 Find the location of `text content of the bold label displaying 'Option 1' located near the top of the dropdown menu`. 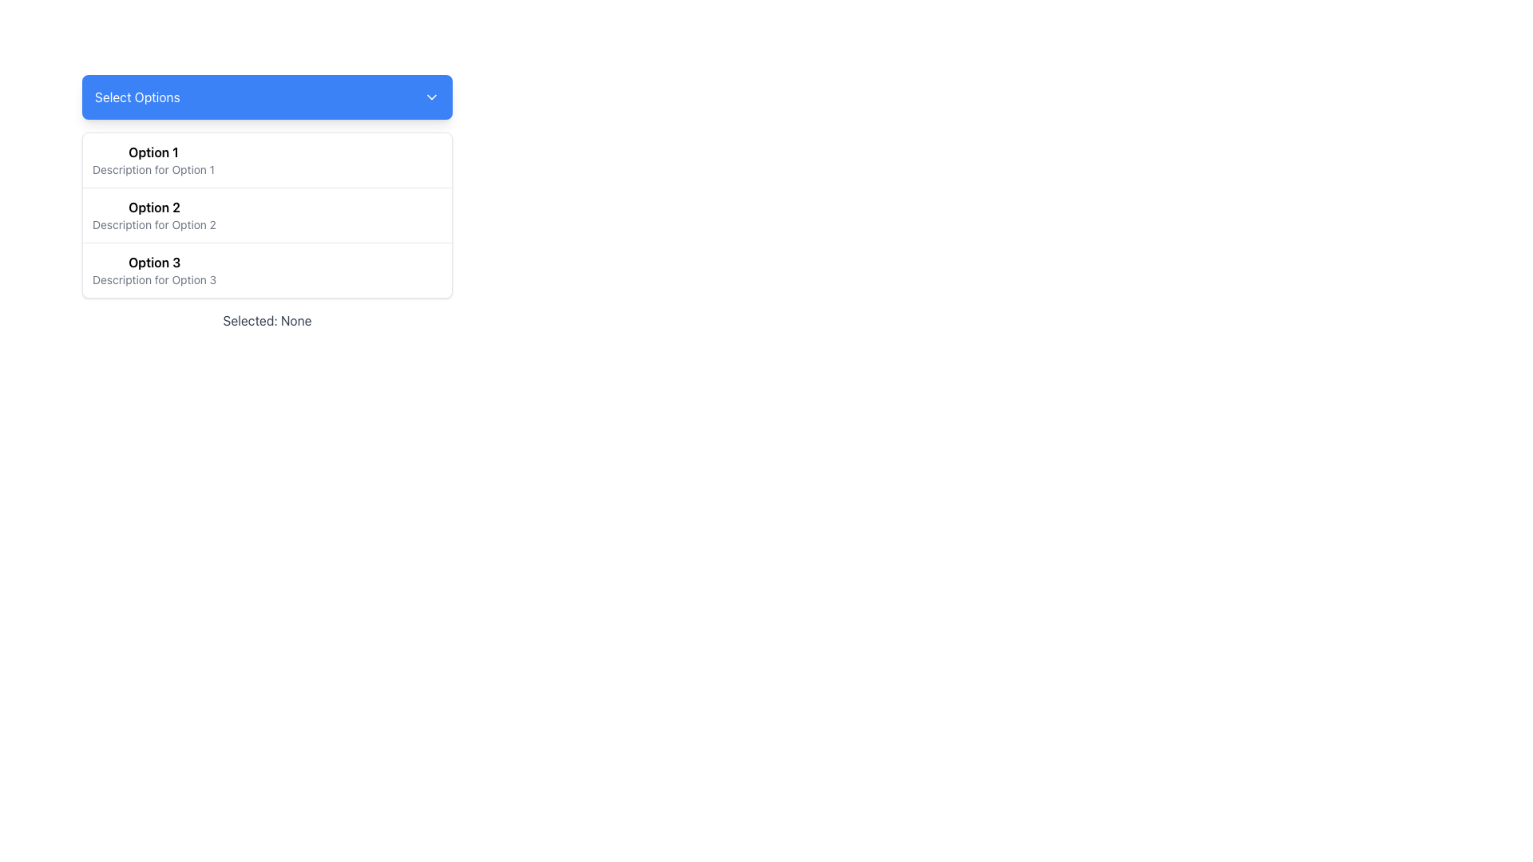

text content of the bold label displaying 'Option 1' located near the top of the dropdown menu is located at coordinates (153, 152).